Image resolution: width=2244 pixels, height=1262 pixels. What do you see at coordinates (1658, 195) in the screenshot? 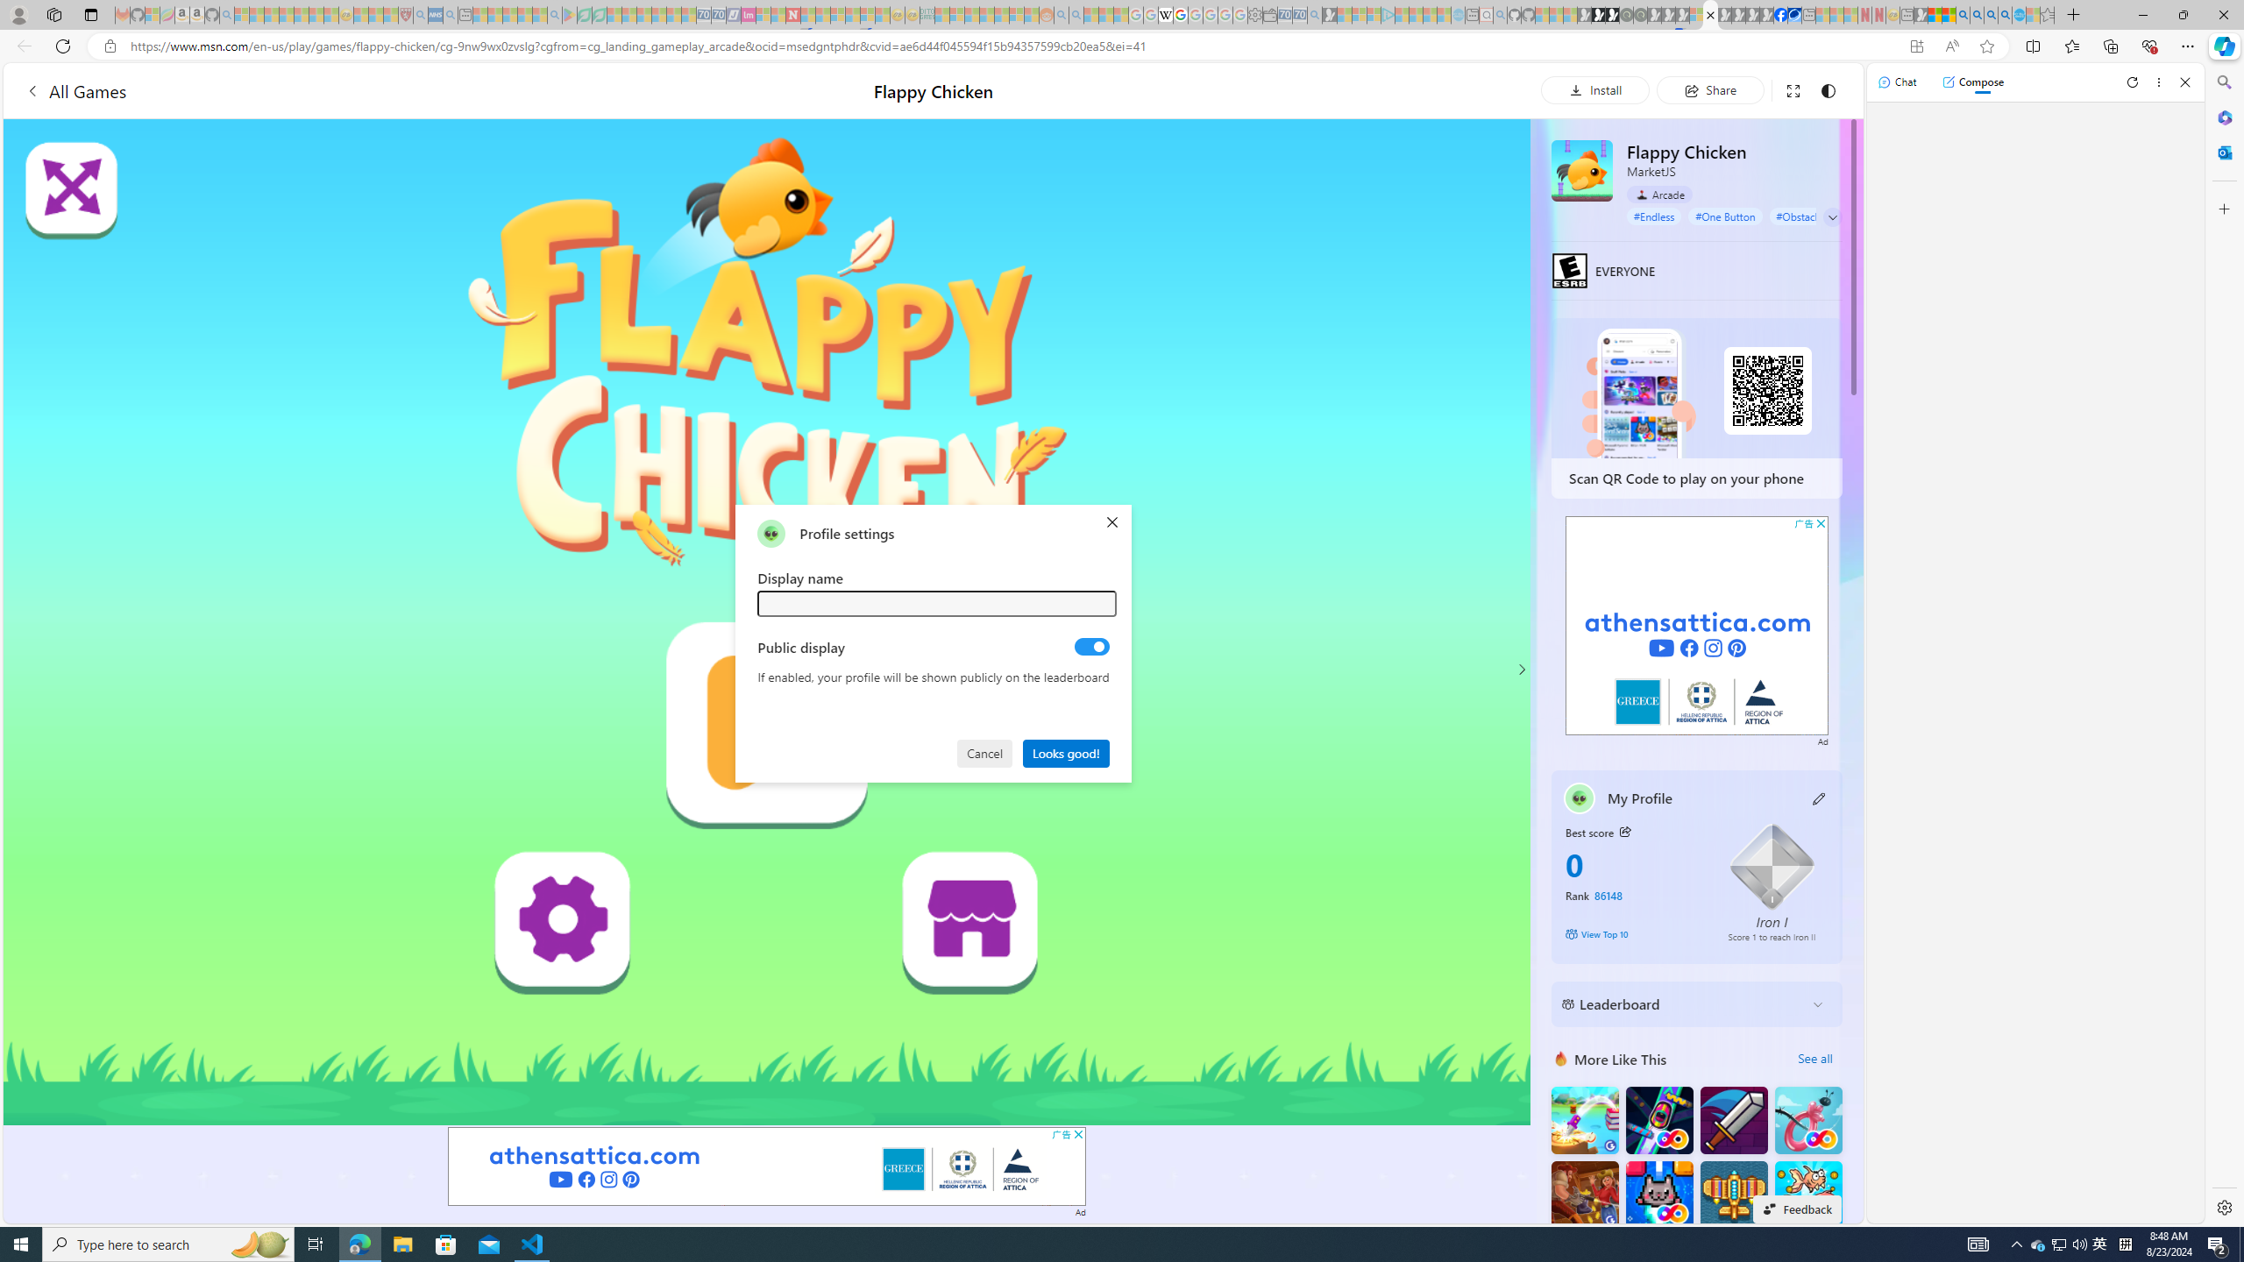
I see `'Arcade'` at bounding box center [1658, 195].